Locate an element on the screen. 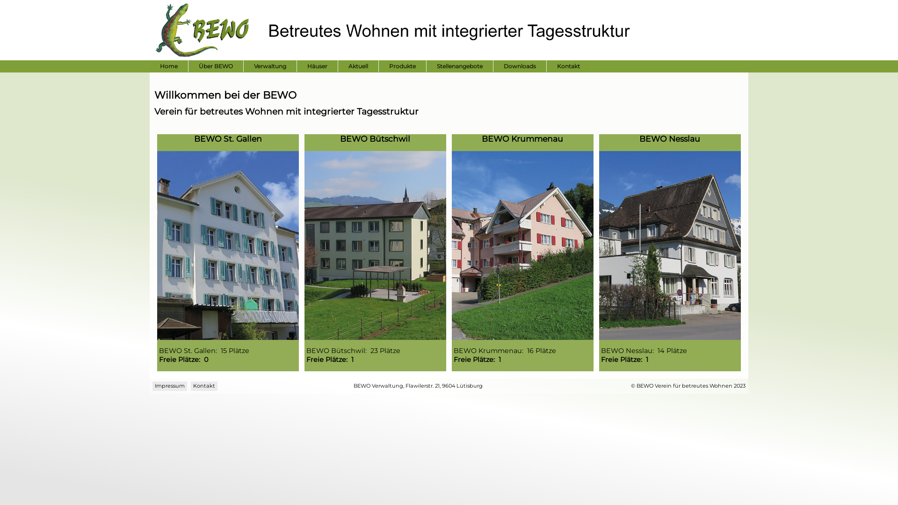 Image resolution: width=898 pixels, height=505 pixels. 'Aktuell' is located at coordinates (358, 65).